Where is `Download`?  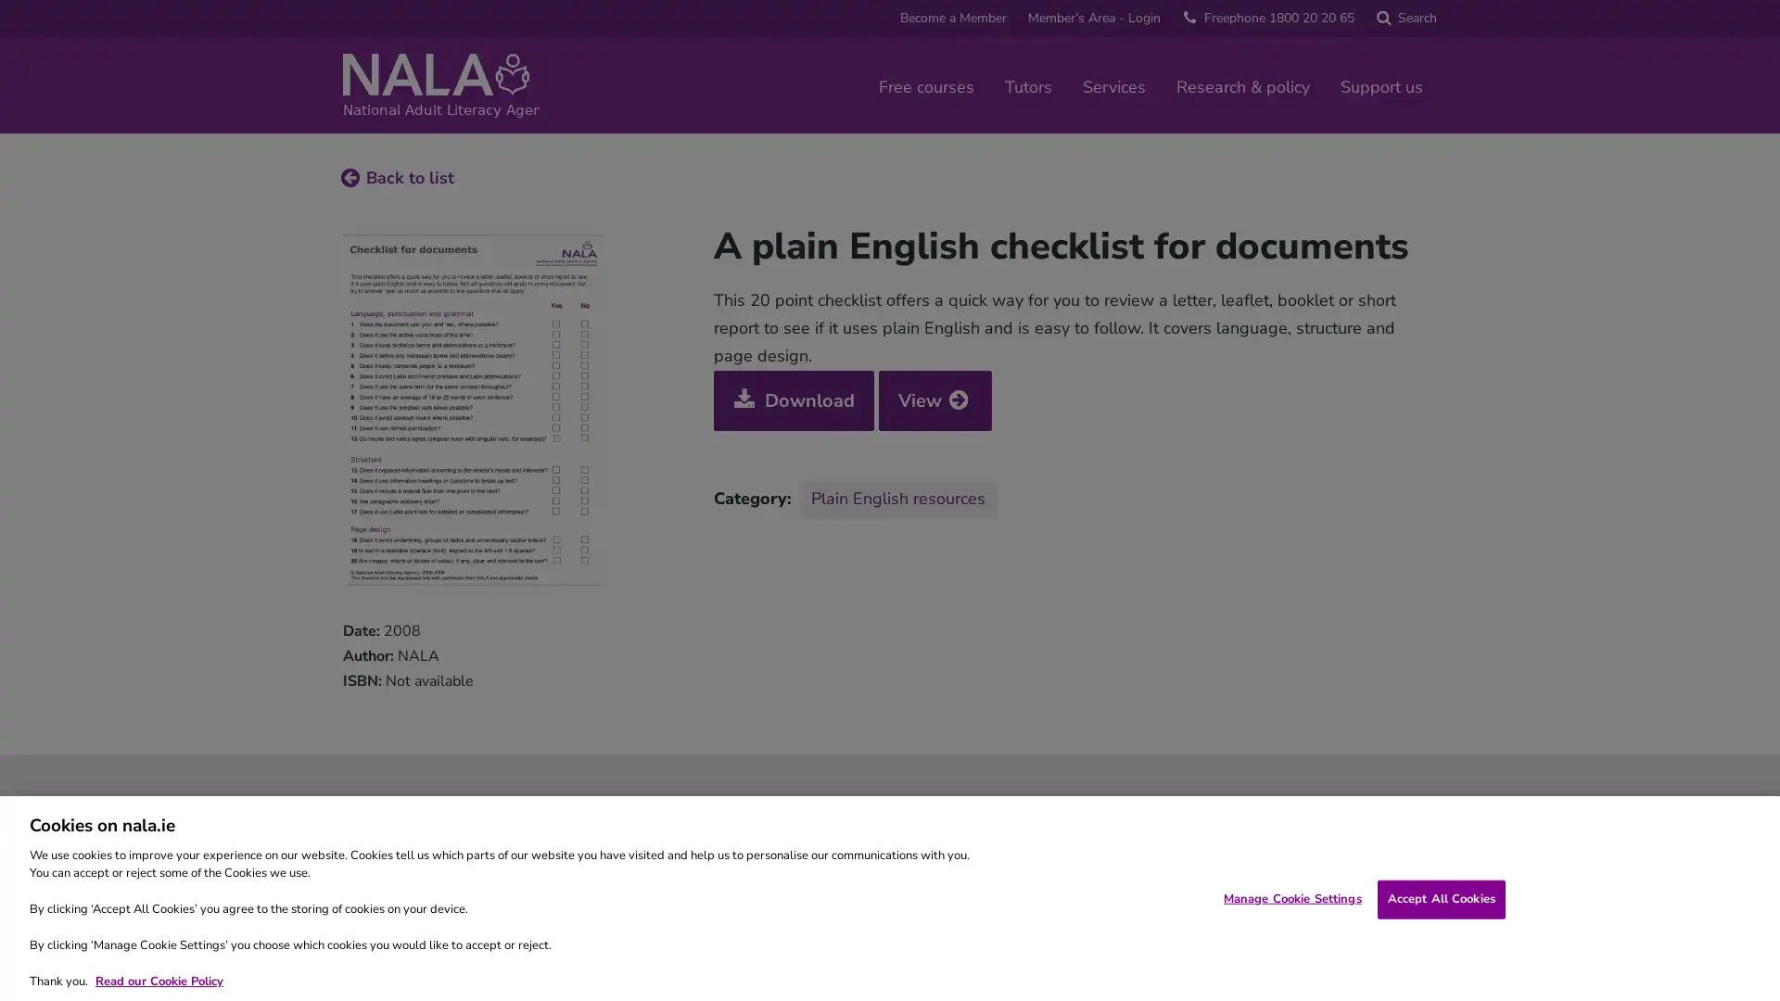 Download is located at coordinates (793, 399).